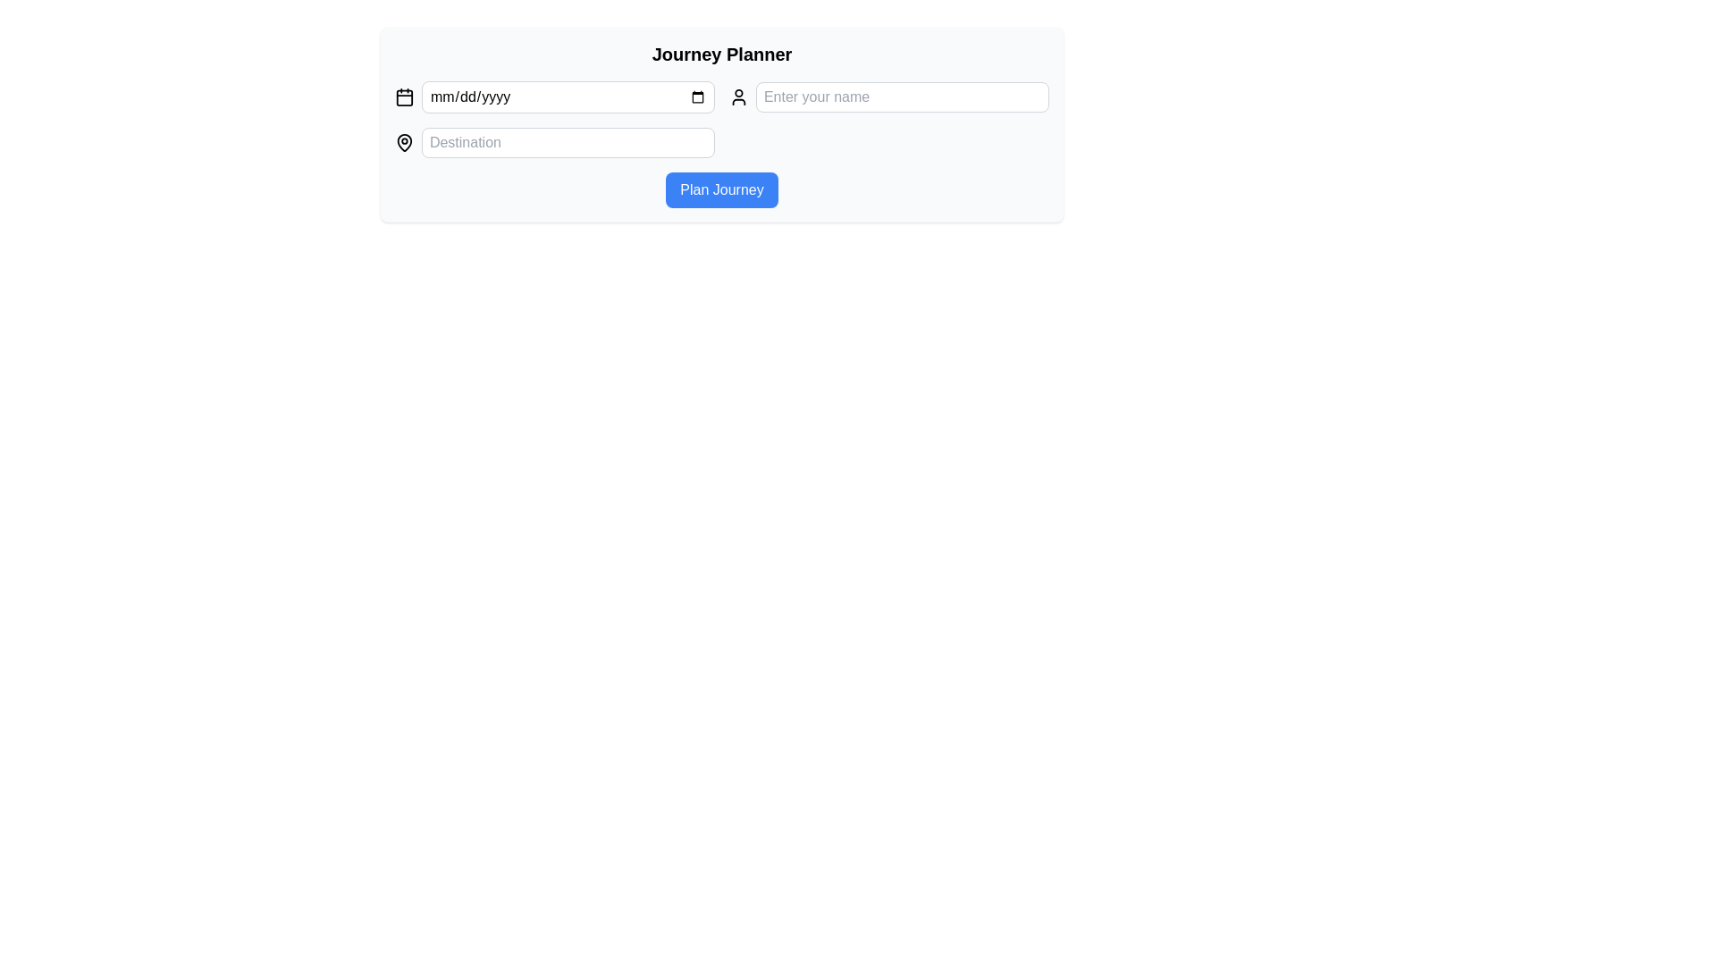 Image resolution: width=1716 pixels, height=965 pixels. I want to click on the map pin icon that indicates the location input field labeled 'Destination', so click(403, 141).